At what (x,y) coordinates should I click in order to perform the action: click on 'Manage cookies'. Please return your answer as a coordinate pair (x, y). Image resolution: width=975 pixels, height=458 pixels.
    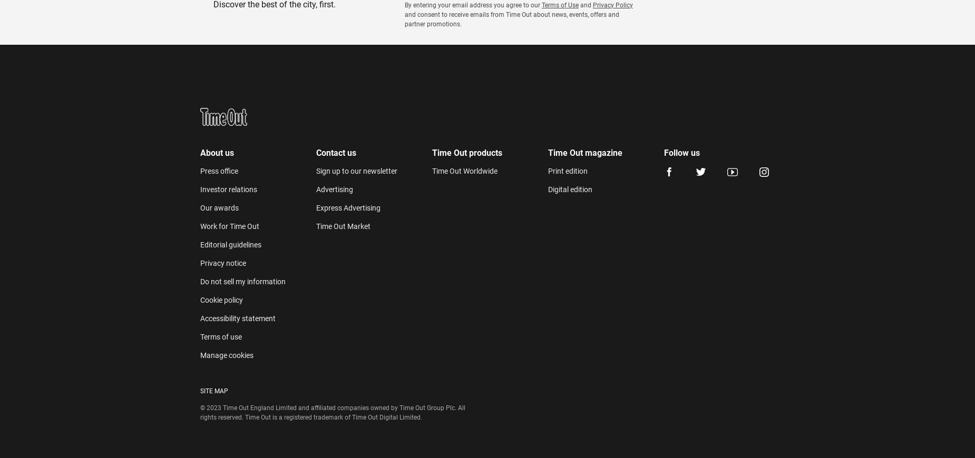
    Looking at the image, I should click on (226, 354).